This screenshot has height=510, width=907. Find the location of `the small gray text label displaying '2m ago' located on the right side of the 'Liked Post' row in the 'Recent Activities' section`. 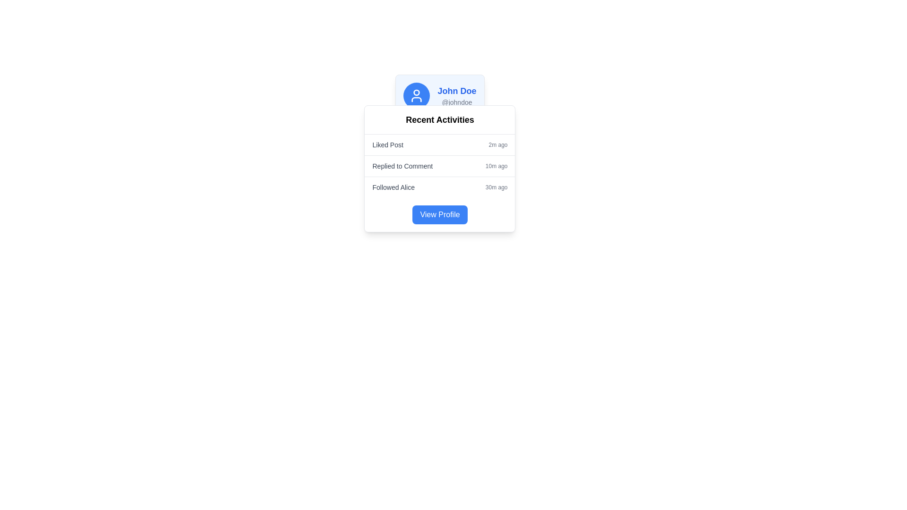

the small gray text label displaying '2m ago' located on the right side of the 'Liked Post' row in the 'Recent Activities' section is located at coordinates (497, 145).